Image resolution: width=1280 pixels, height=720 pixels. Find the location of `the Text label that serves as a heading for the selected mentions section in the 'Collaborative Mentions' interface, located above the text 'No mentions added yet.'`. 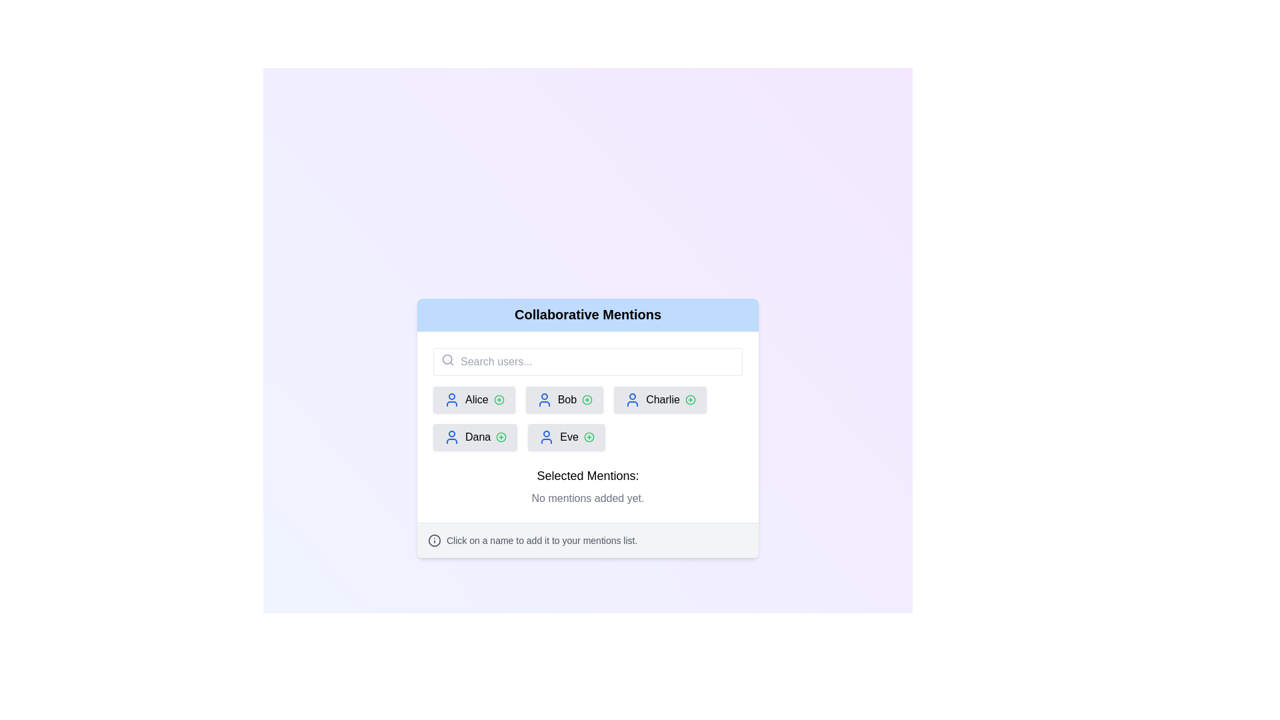

the Text label that serves as a heading for the selected mentions section in the 'Collaborative Mentions' interface, located above the text 'No mentions added yet.' is located at coordinates (587, 475).